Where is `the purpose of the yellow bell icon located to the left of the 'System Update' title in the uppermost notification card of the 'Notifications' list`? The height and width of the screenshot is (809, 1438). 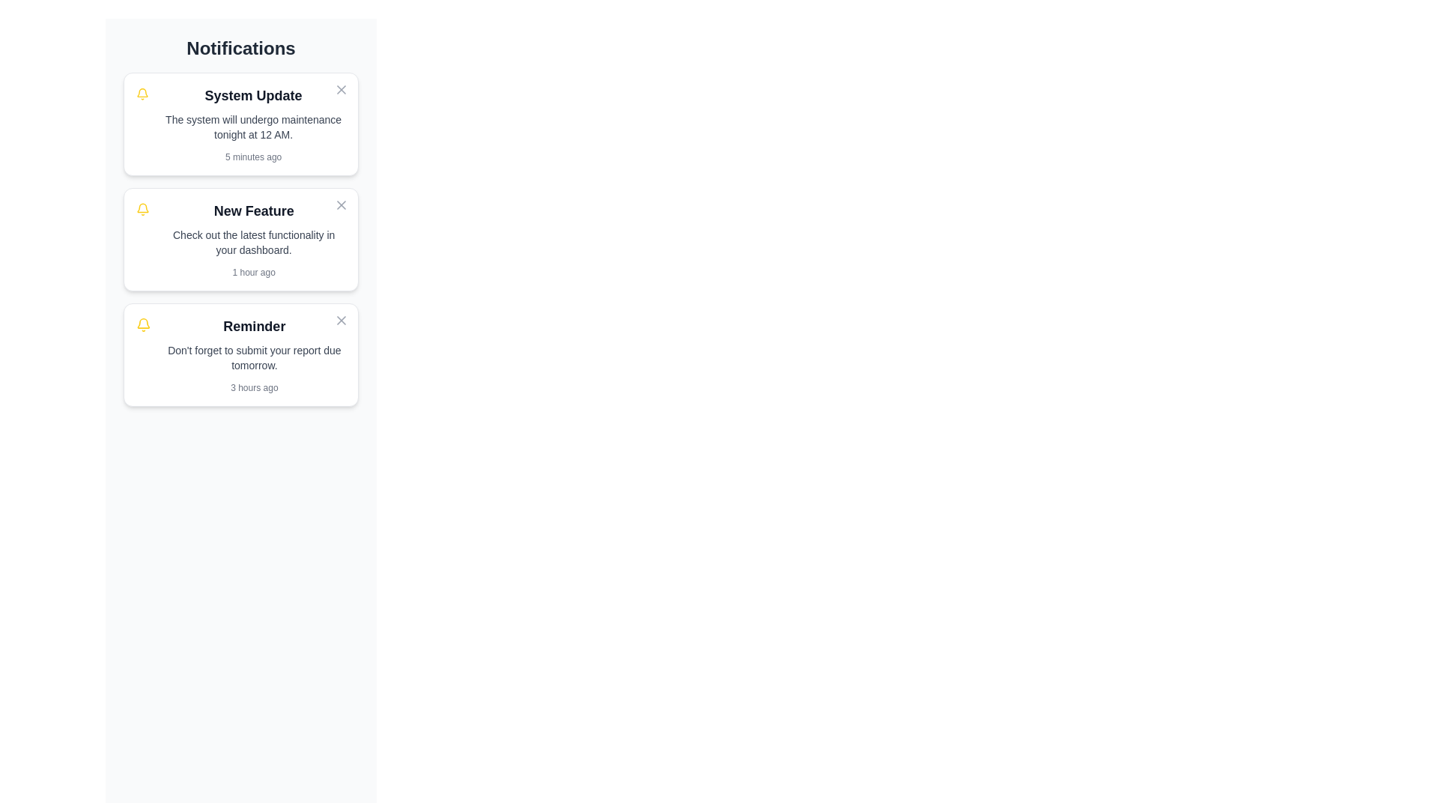
the purpose of the yellow bell icon located to the left of the 'System Update' title in the uppermost notification card of the 'Notifications' list is located at coordinates (142, 94).